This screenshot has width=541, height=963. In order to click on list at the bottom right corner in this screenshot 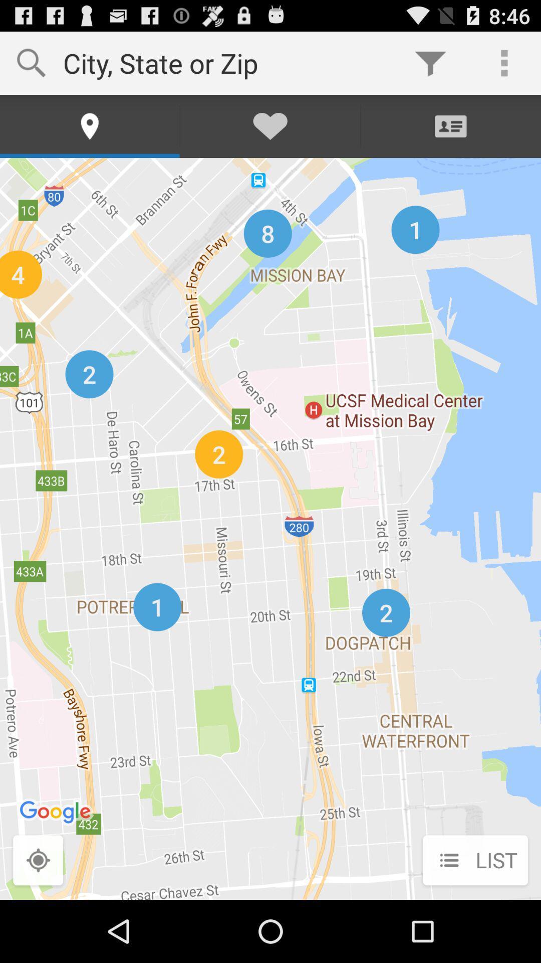, I will do `click(475, 861)`.